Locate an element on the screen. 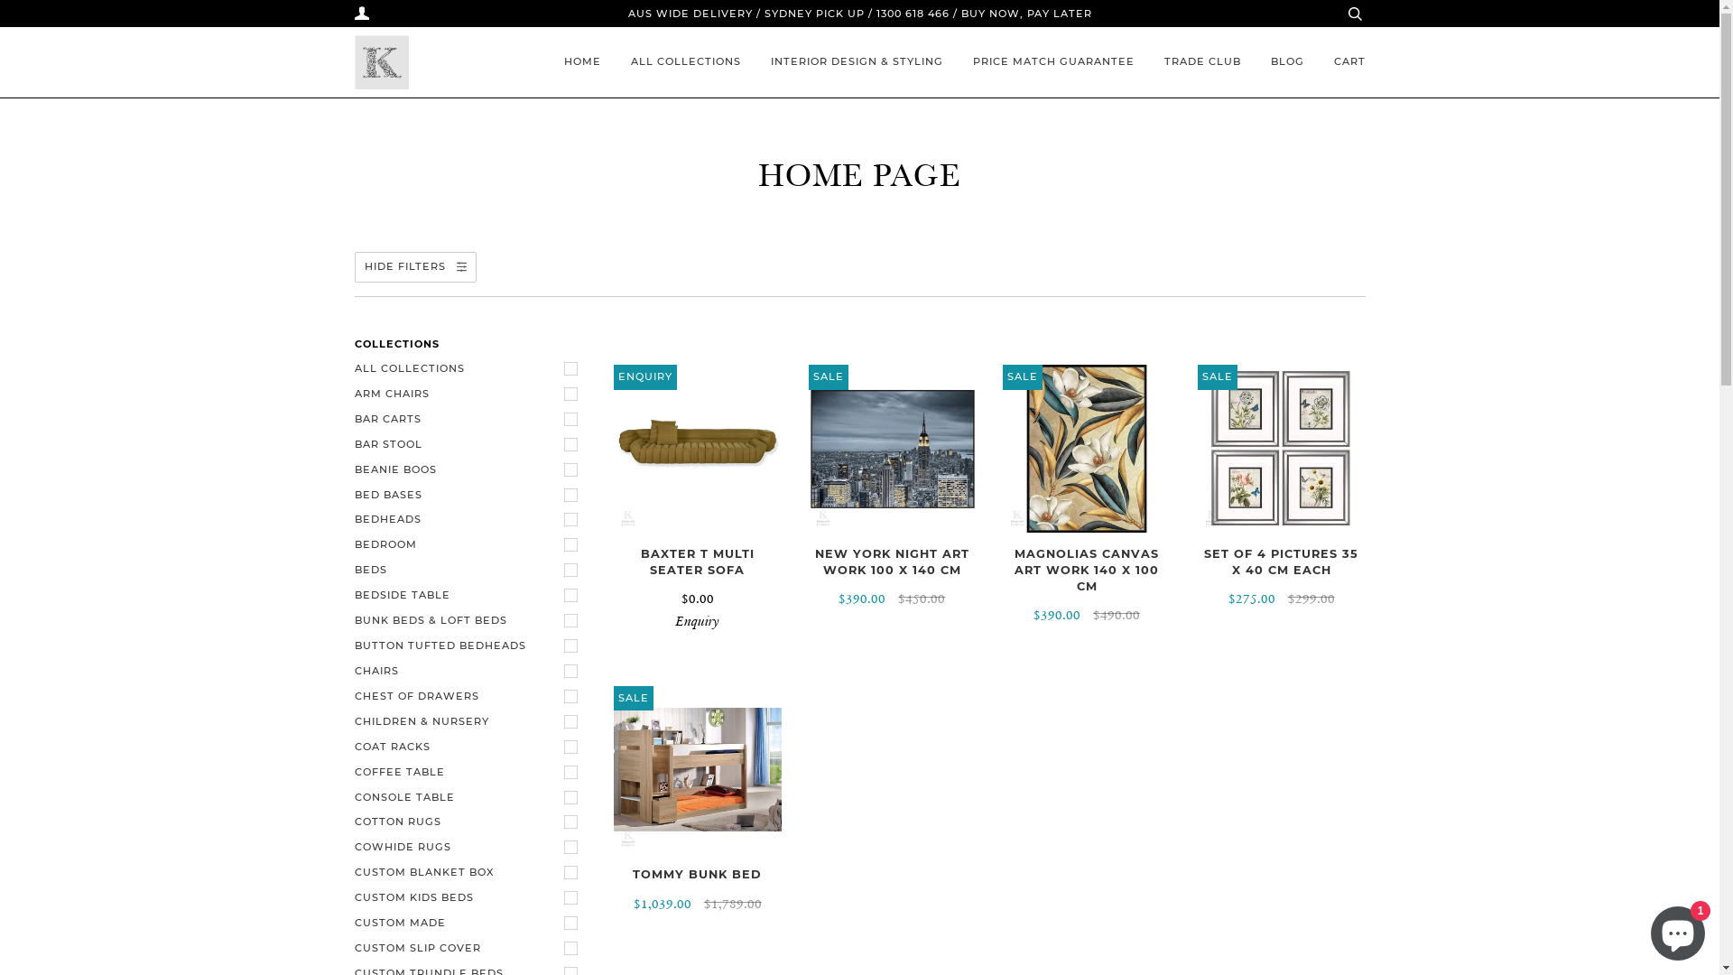 This screenshot has width=1733, height=975. 'CHEST OF DRAWERS' is located at coordinates (470, 695).